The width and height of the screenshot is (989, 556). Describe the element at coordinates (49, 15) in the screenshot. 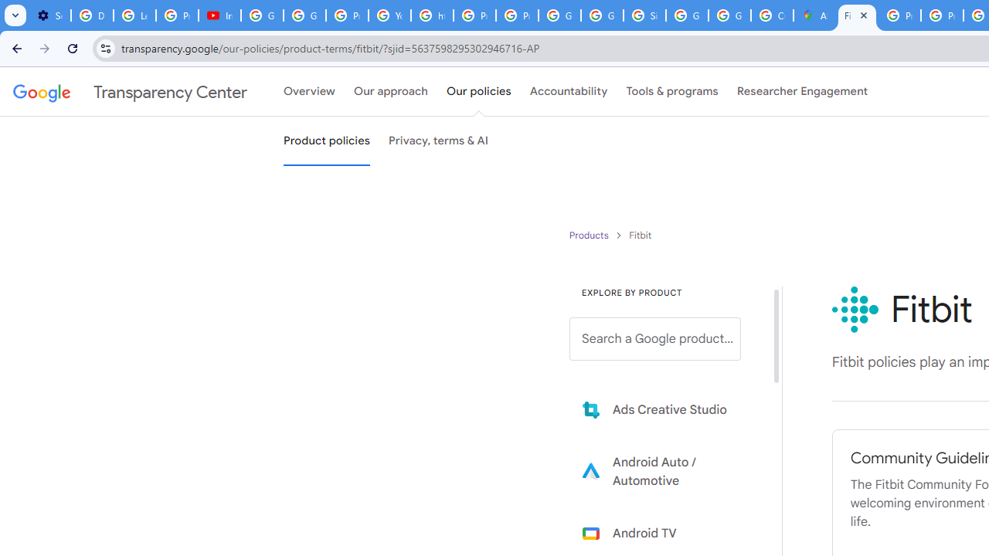

I see `'Settings - Performance'` at that location.